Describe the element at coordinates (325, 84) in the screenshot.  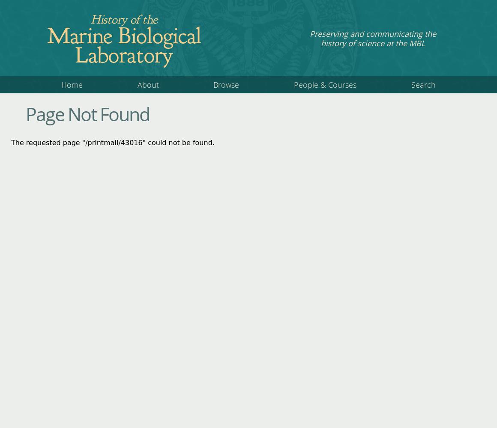
I see `'People & Courses'` at that location.